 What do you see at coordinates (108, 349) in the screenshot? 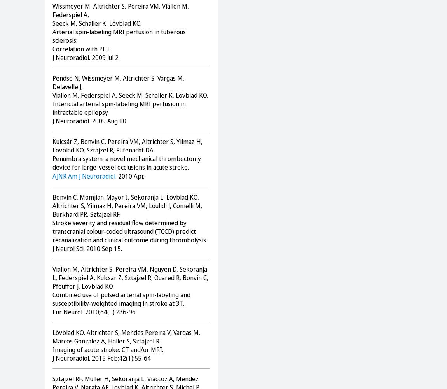
I see `'Imaging of acute stroke: CT and/or MRI.'` at bounding box center [108, 349].